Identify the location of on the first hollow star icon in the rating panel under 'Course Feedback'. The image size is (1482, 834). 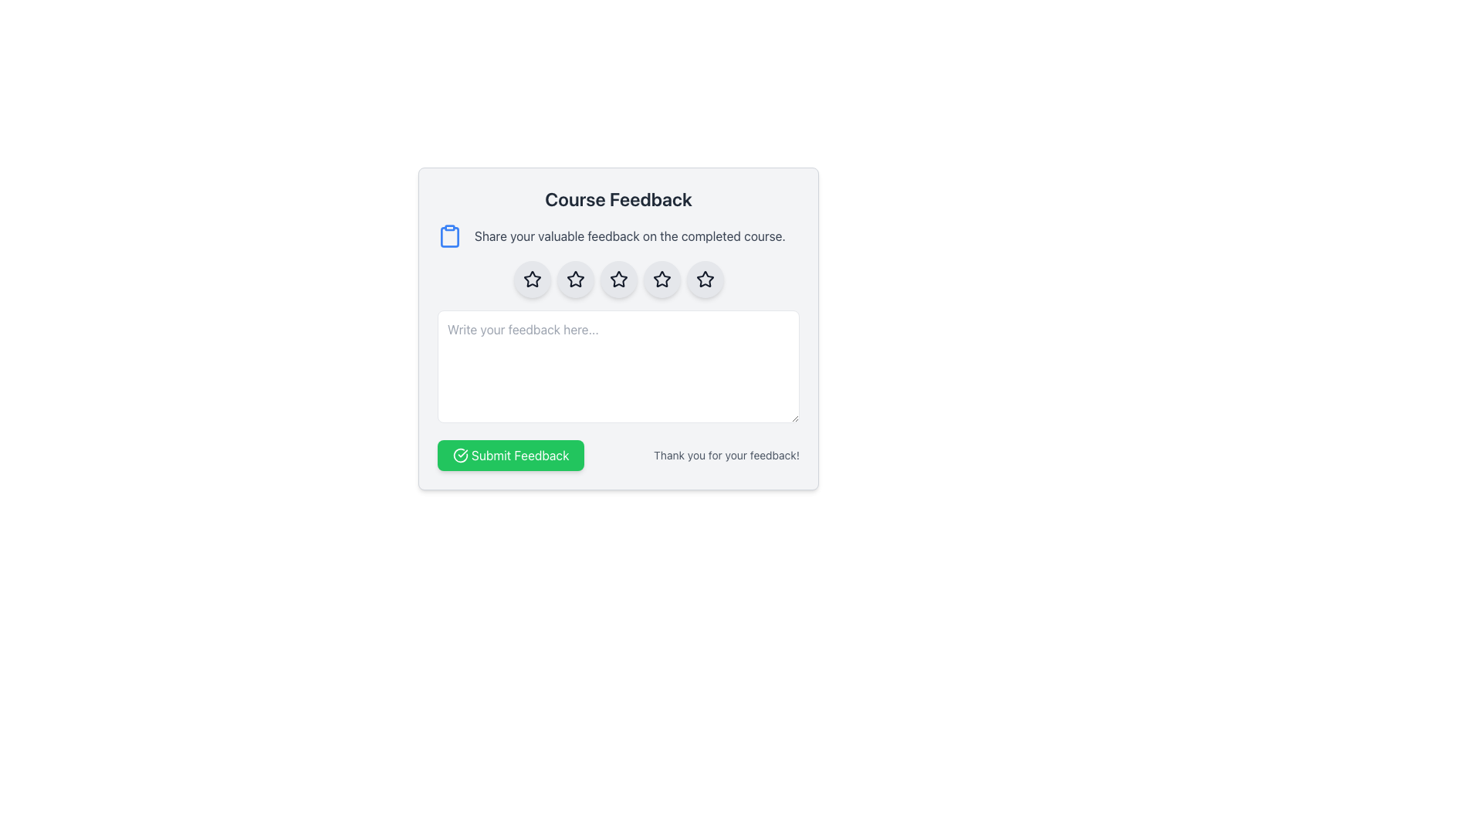
(532, 279).